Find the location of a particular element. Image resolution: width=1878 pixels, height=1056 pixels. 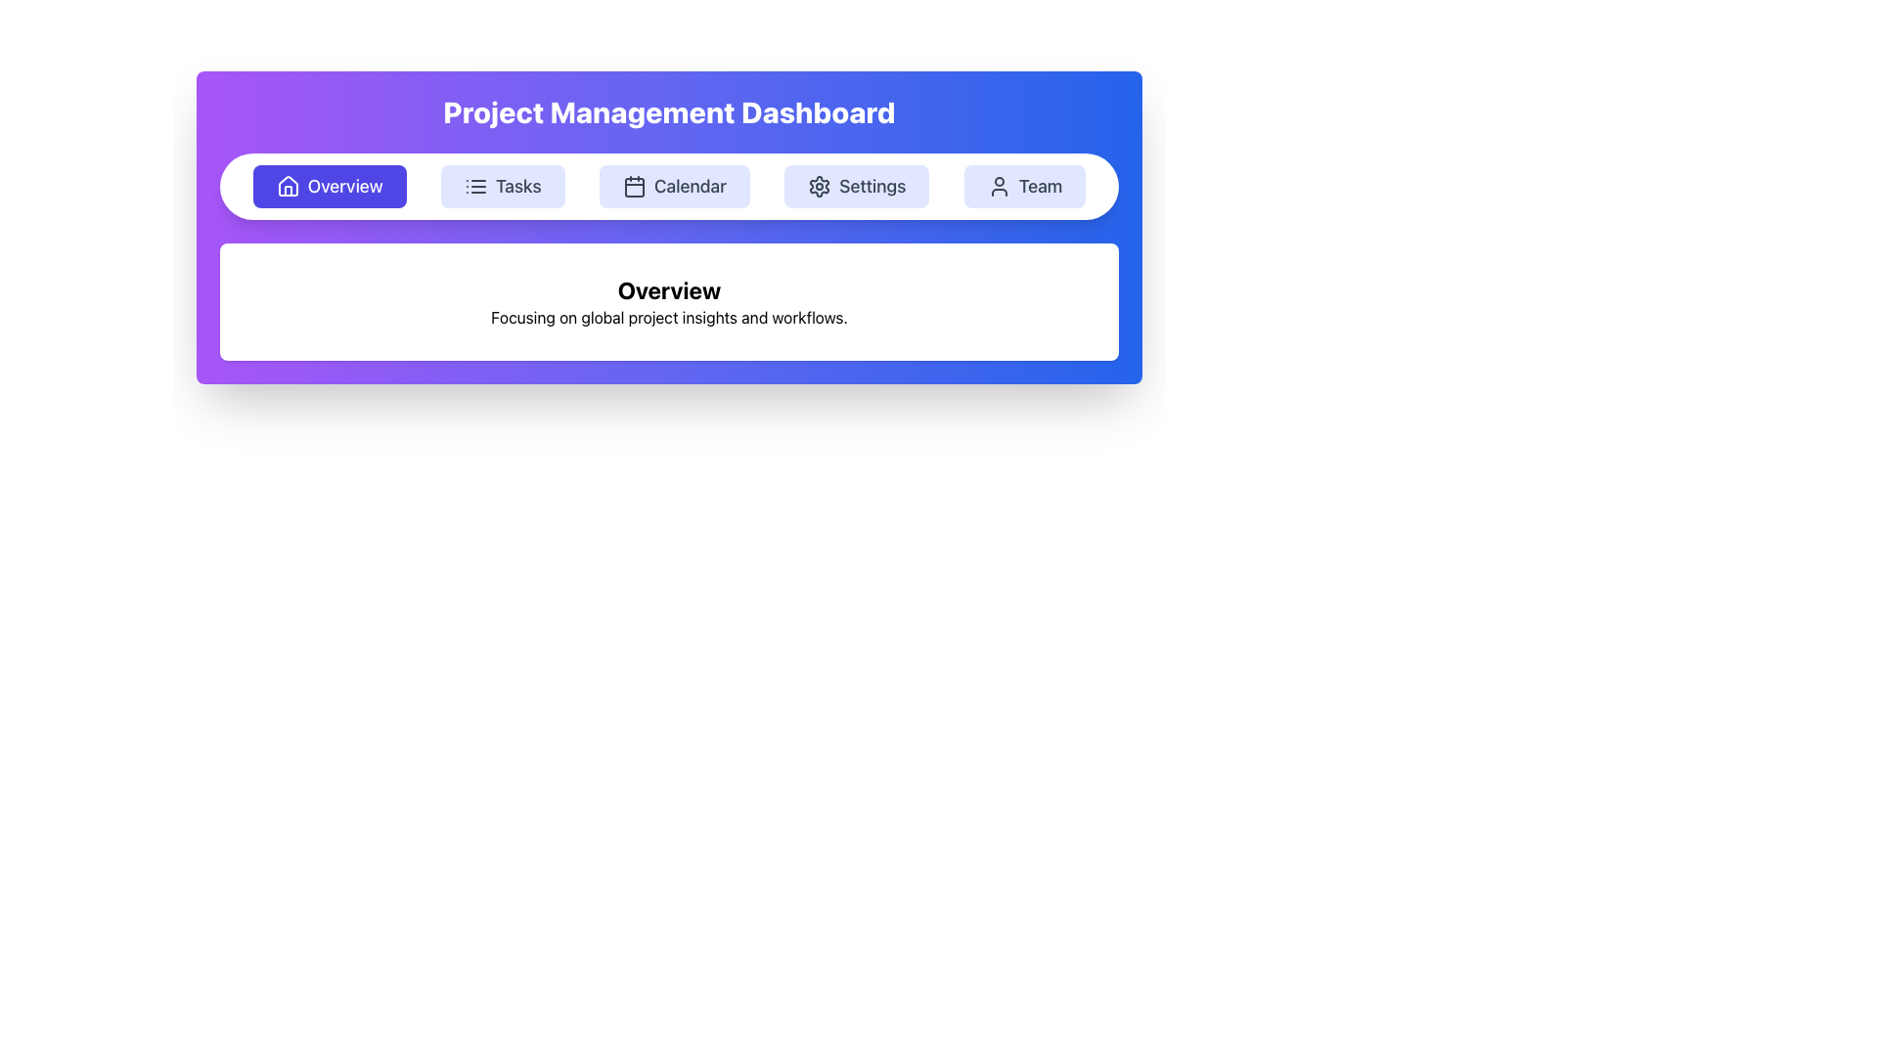

the 'Settings' button with a light indigo background and gray text, located in the navigation menu is located at coordinates (857, 187).